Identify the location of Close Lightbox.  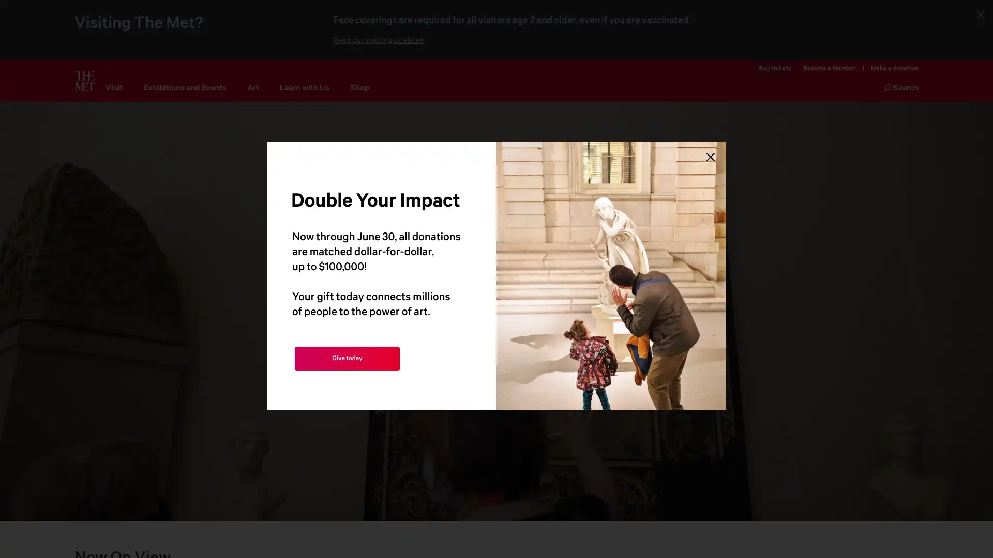
(710, 157).